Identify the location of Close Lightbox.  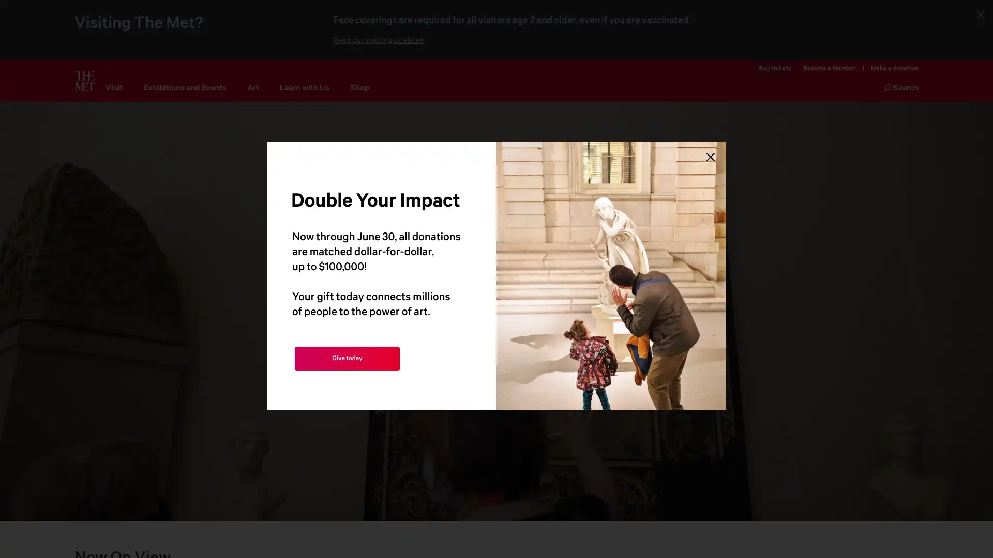
(710, 157).